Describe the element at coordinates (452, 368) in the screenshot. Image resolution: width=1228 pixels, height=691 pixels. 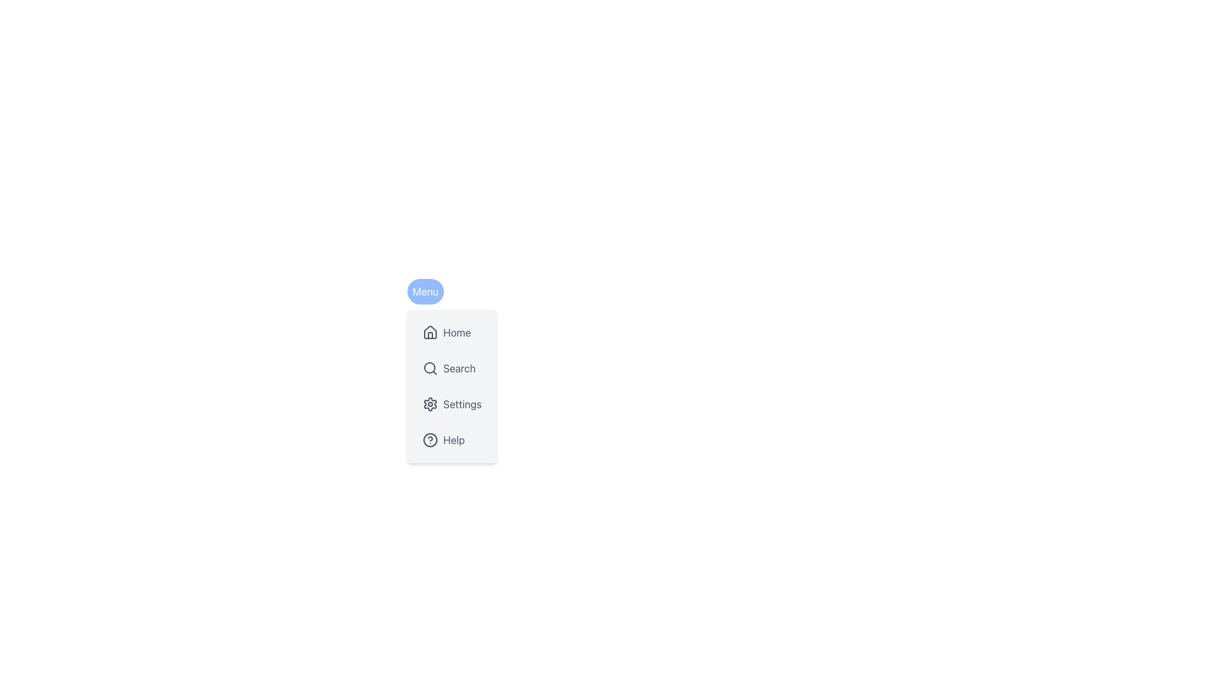
I see `the search button located between the 'Home' button and the 'Settings' button` at that location.